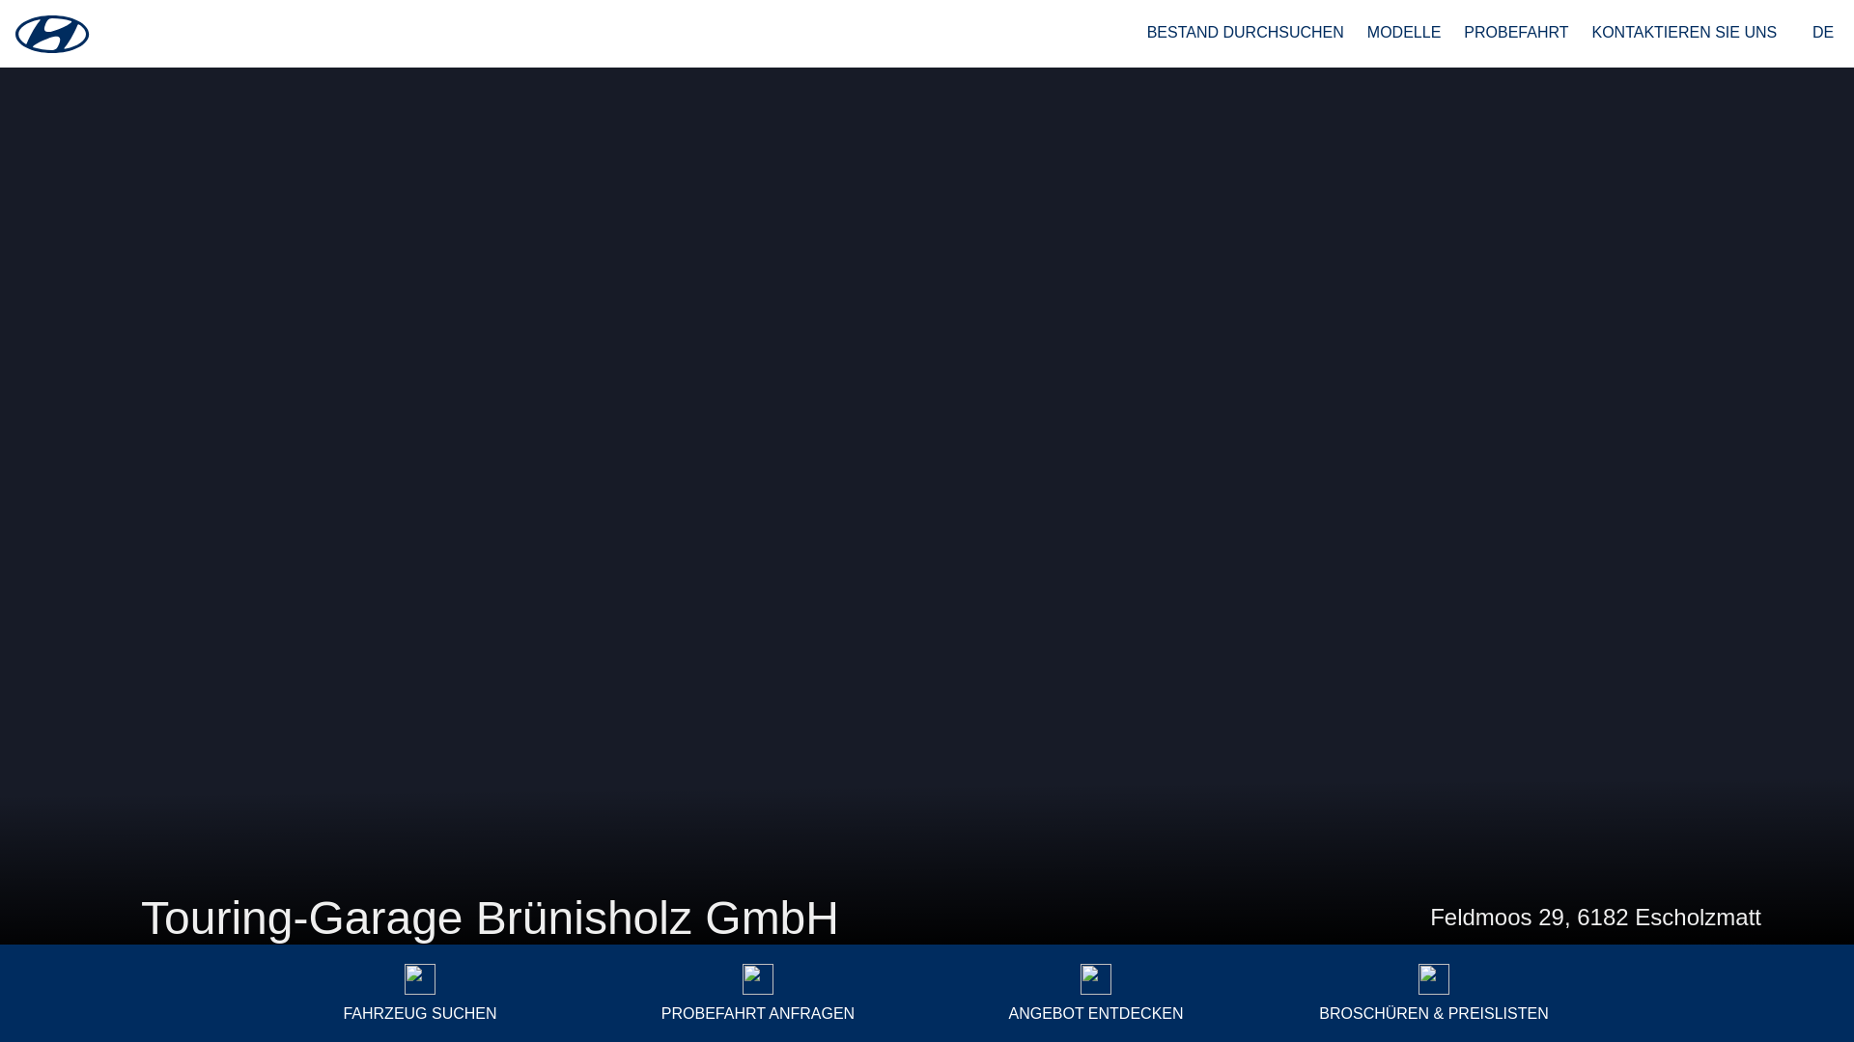 The width and height of the screenshot is (1854, 1042). Describe the element at coordinates (419, 993) in the screenshot. I see `'FAHRZEUG SUCHEN'` at that location.